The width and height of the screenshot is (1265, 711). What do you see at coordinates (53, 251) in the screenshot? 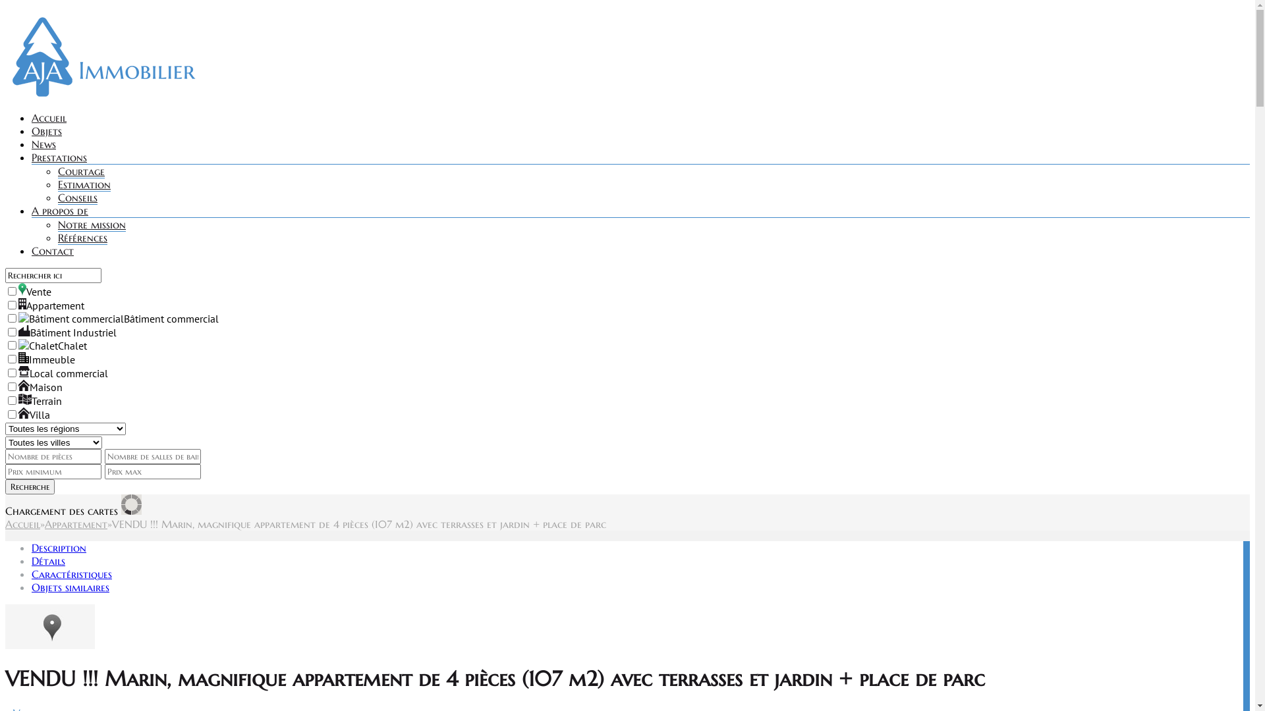
I see `'Contact'` at bounding box center [53, 251].